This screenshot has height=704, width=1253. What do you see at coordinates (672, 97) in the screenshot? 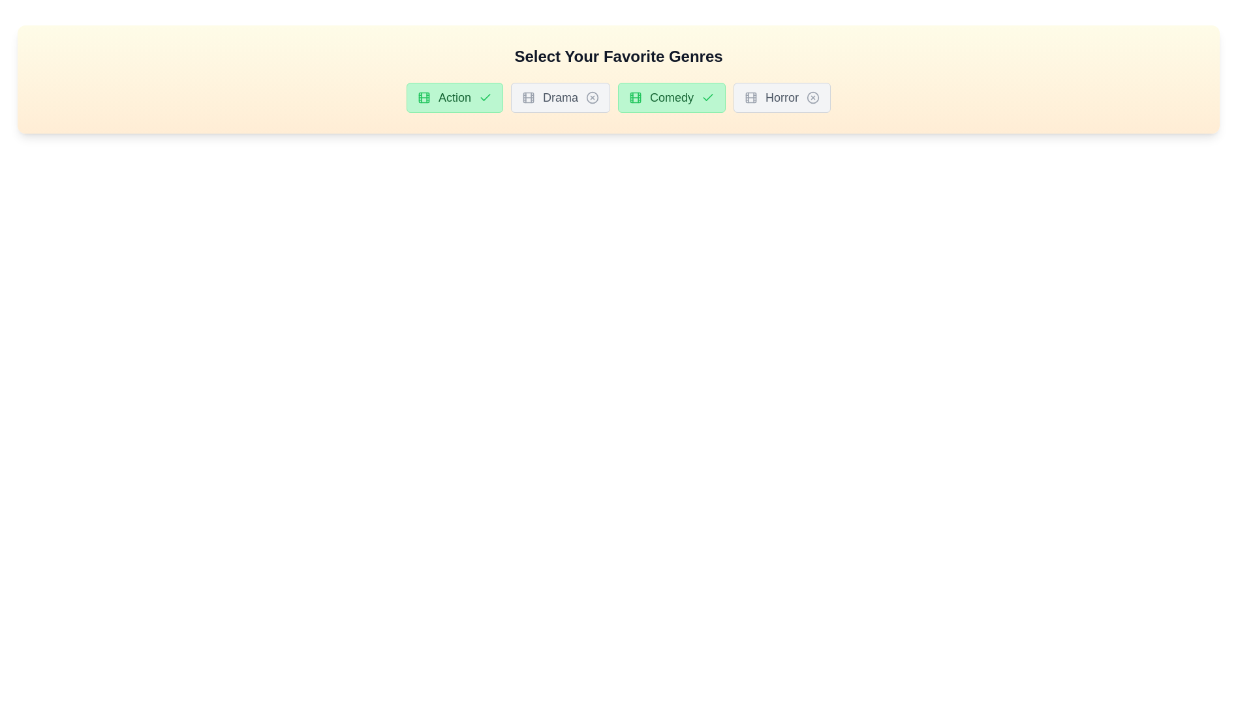
I see `the genre Comedy` at bounding box center [672, 97].